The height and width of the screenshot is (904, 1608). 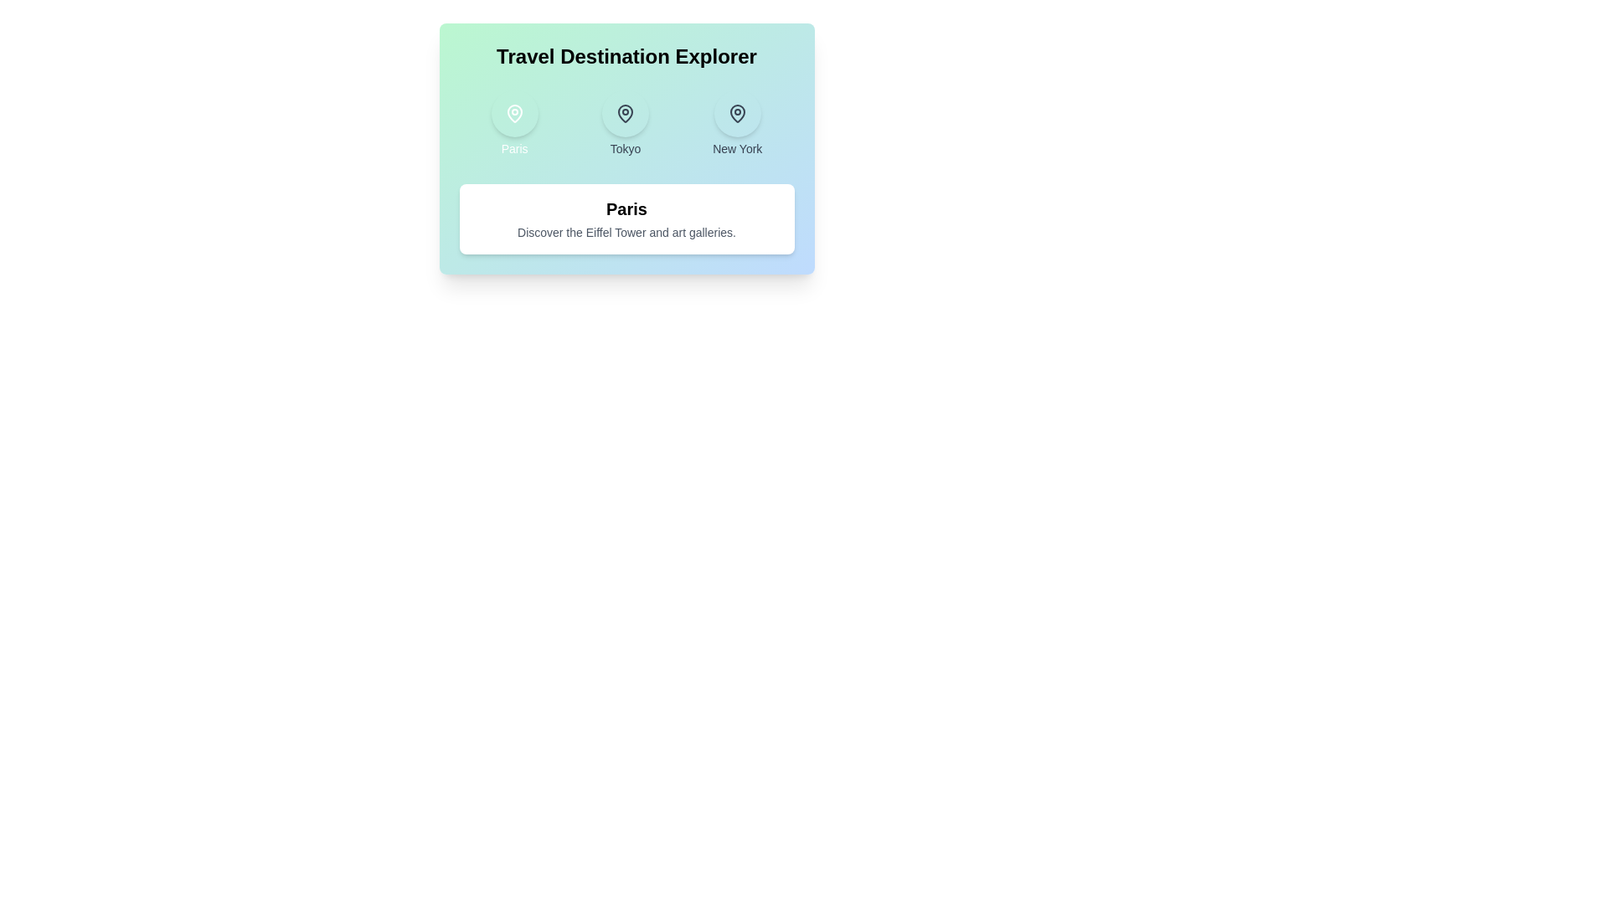 I want to click on the interactive icon representing the travel destination 'Paris', located under the 'Travel Destination Explorer' section, to the left of 'Tokyo' and 'New York', so click(x=513, y=113).